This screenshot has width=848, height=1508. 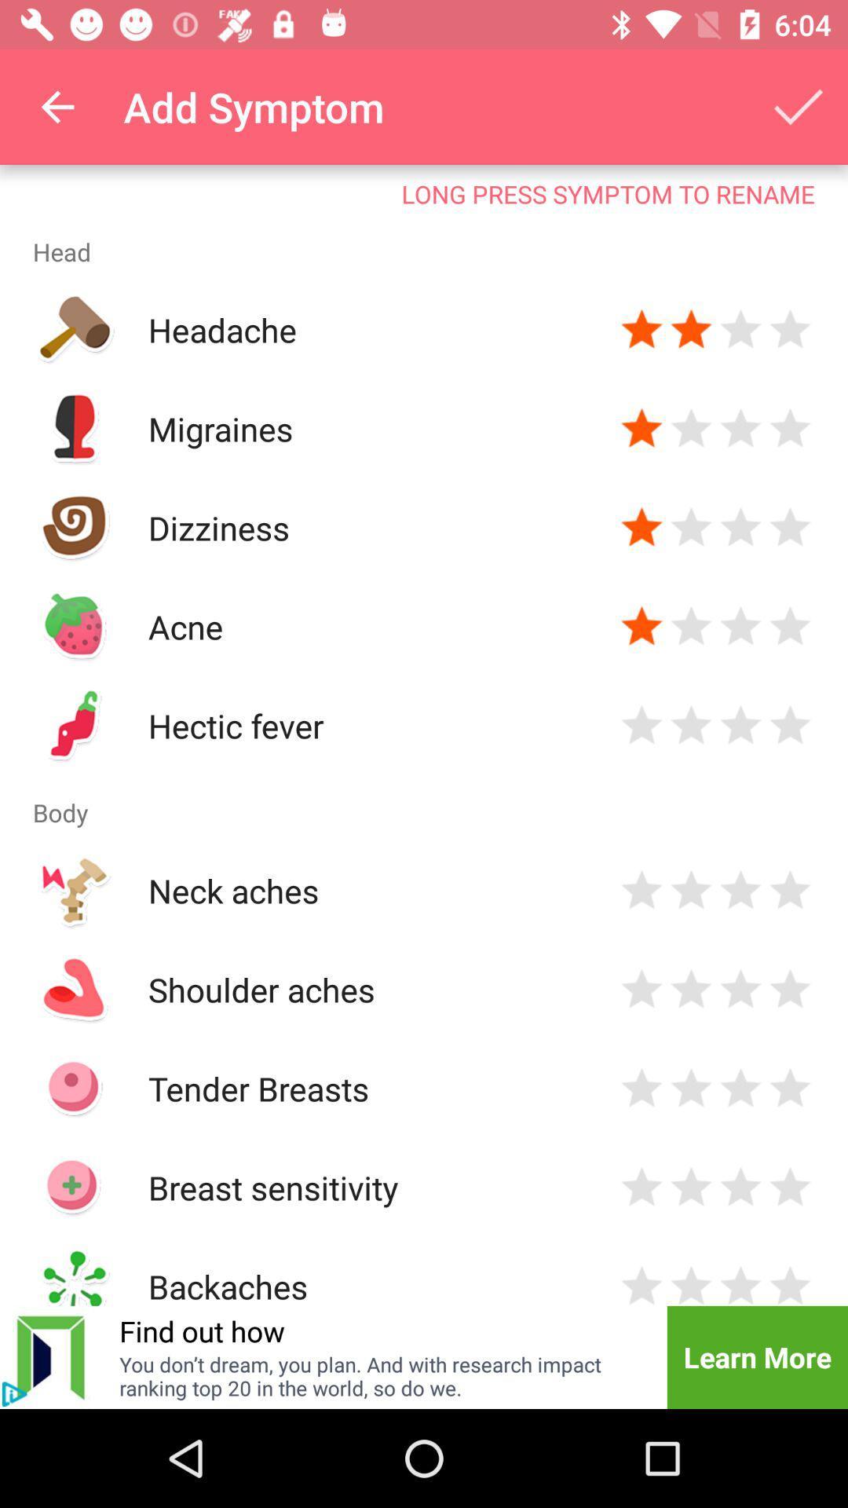 I want to click on give a star rating, so click(x=740, y=1283).